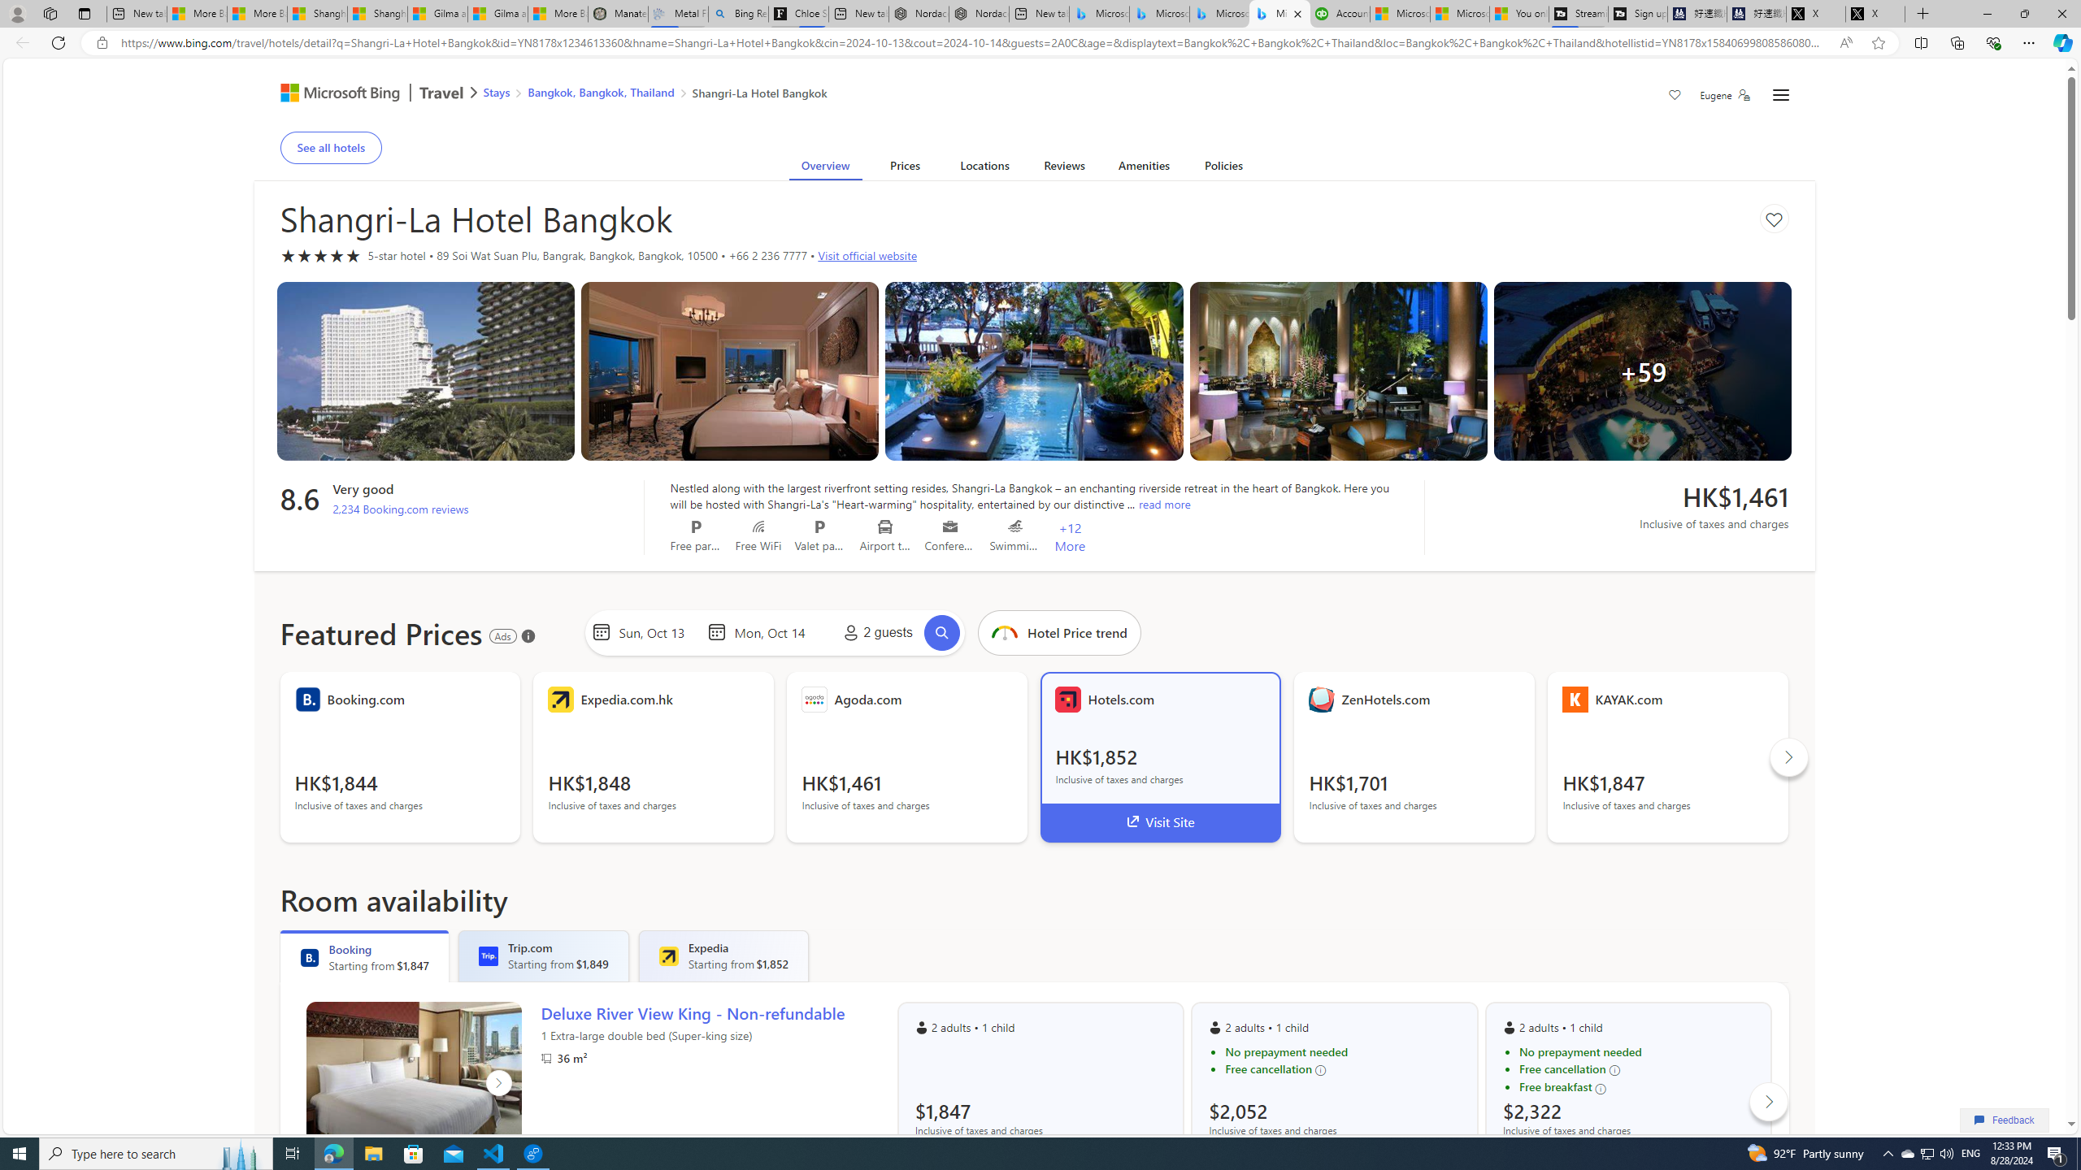 The height and width of the screenshot is (1170, 2081). What do you see at coordinates (1059, 632) in the screenshot?
I see `'Price Trend graph'` at bounding box center [1059, 632].